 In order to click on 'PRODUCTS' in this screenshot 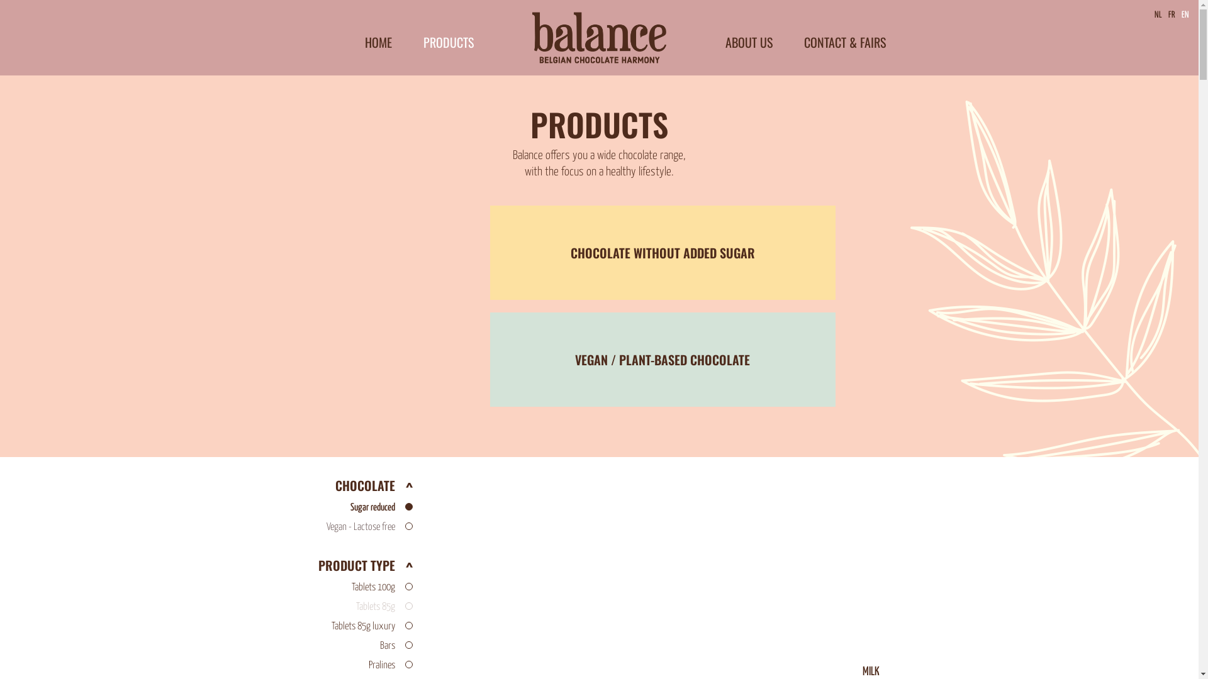, I will do `click(447, 41)`.